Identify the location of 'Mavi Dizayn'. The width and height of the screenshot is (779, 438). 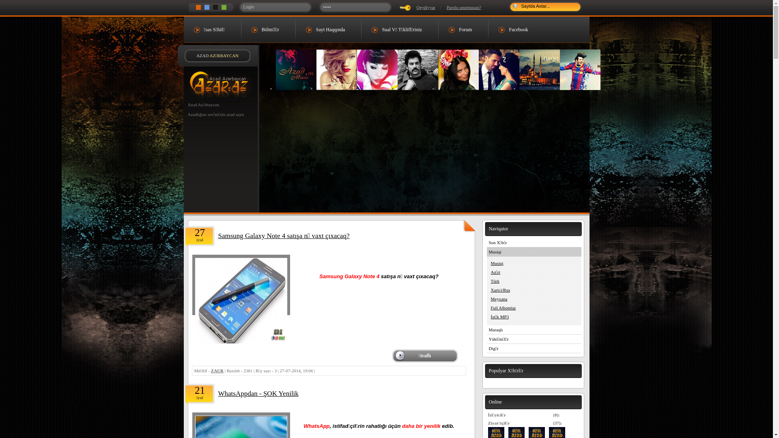
(206, 7).